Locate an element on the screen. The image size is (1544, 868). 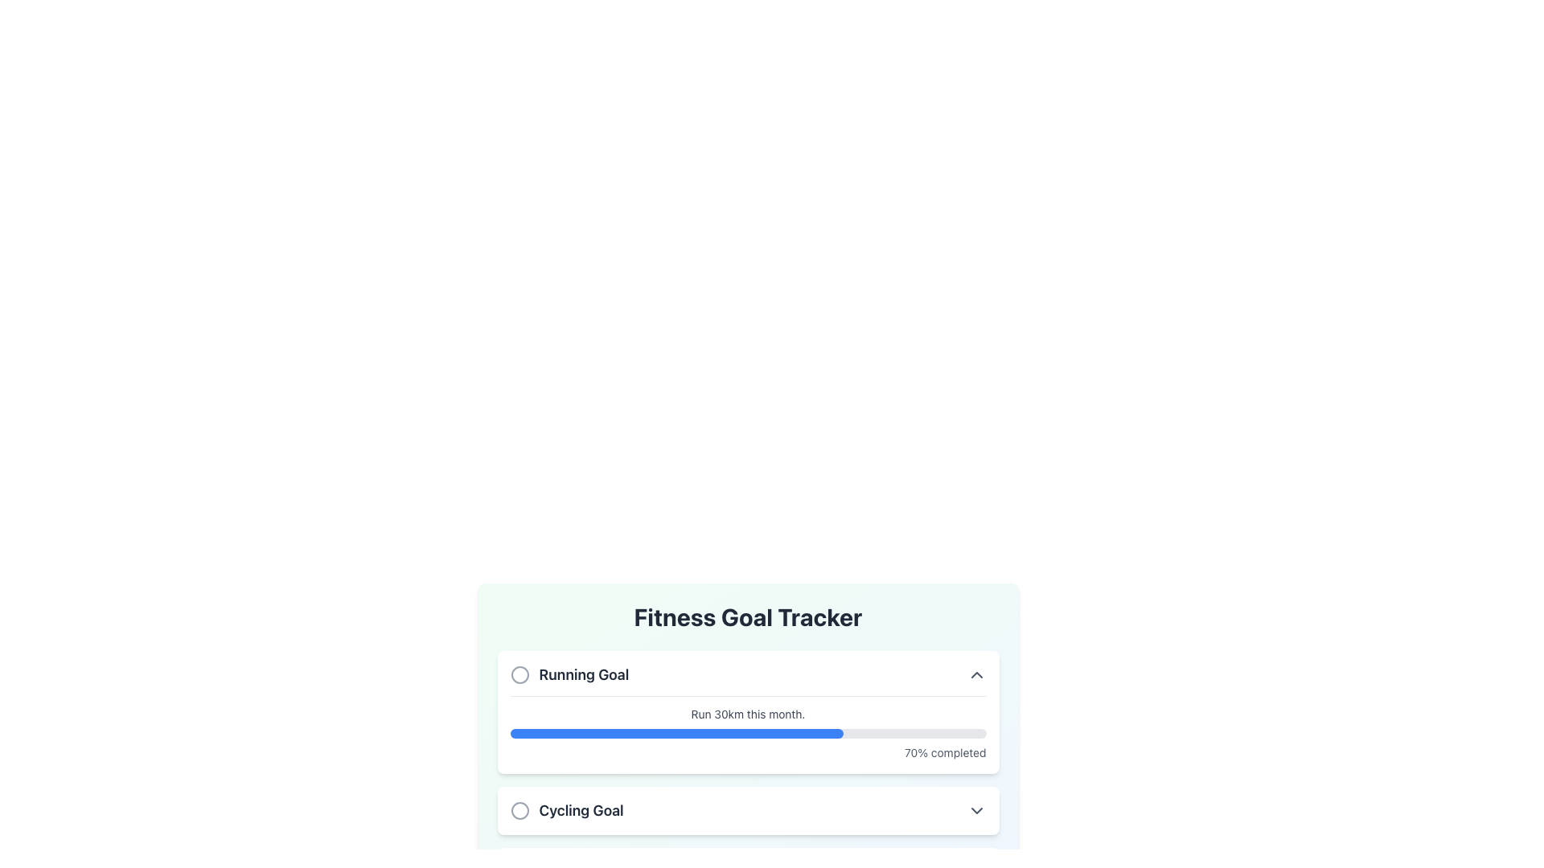
text from the descriptive label that provides information about the goal of running 30km this month, located under the 'Running Goal' heading and above the progress bar is located at coordinates (747, 713).